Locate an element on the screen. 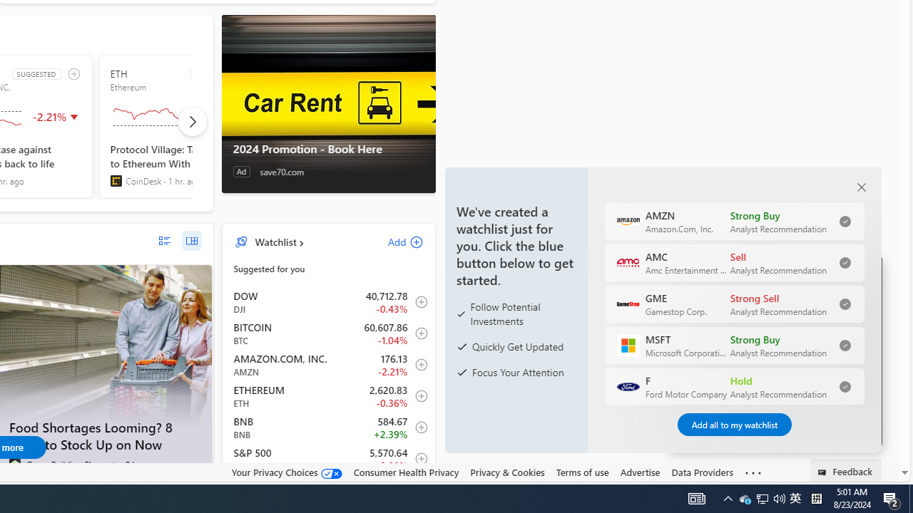 The width and height of the screenshot is (913, 513). 'Feedback' is located at coordinates (846, 470).